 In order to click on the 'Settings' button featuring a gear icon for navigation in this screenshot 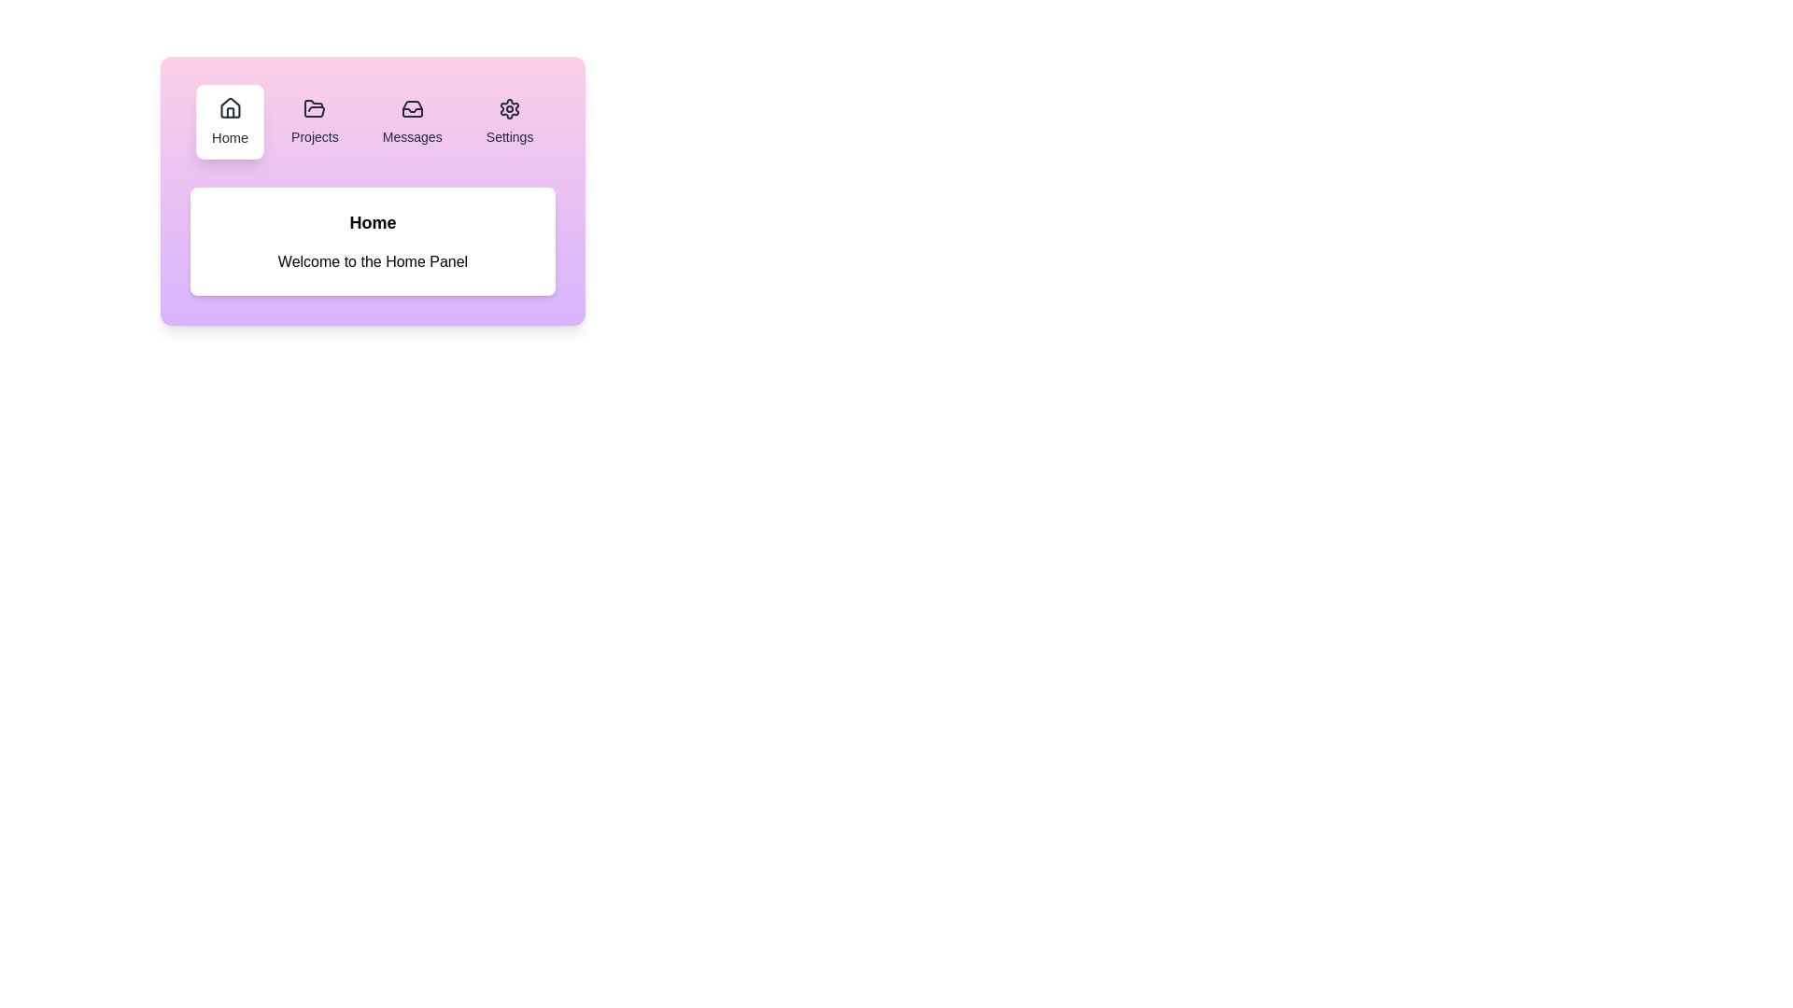, I will do `click(510, 122)`.